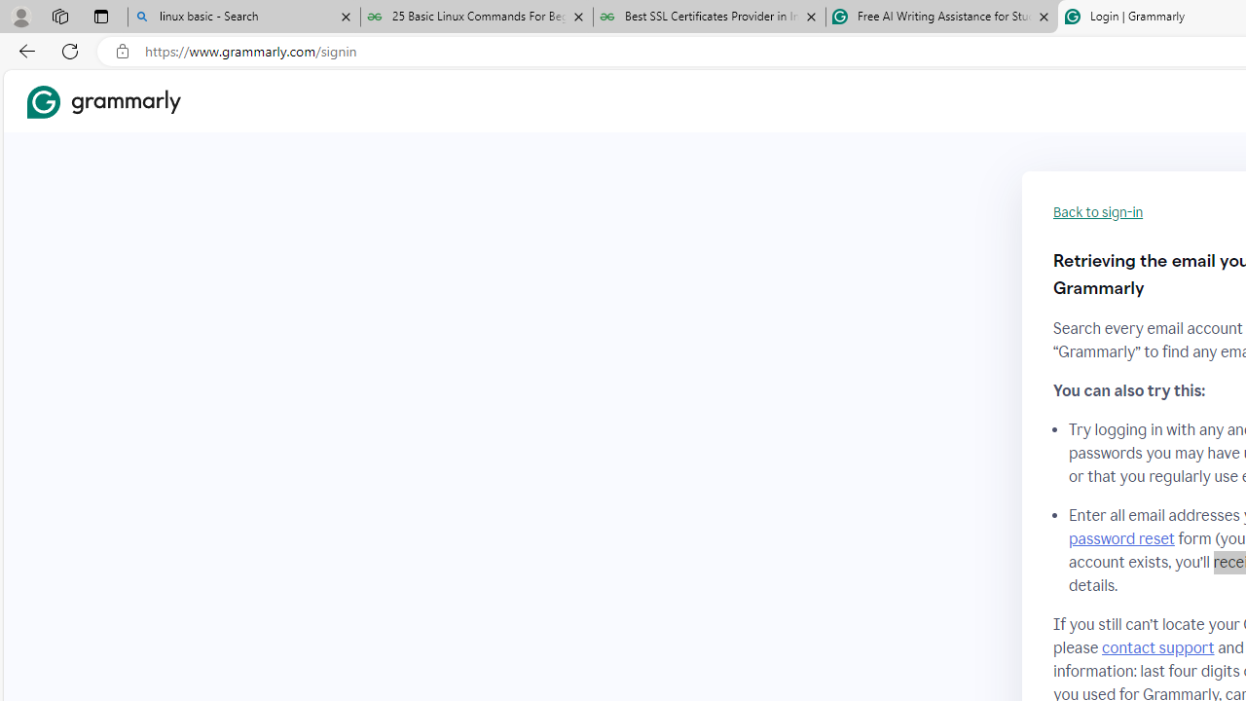 The width and height of the screenshot is (1246, 701). Describe the element at coordinates (709, 17) in the screenshot. I see `'Best SSL Certificates Provider in India - GeeksforGeeks'` at that location.